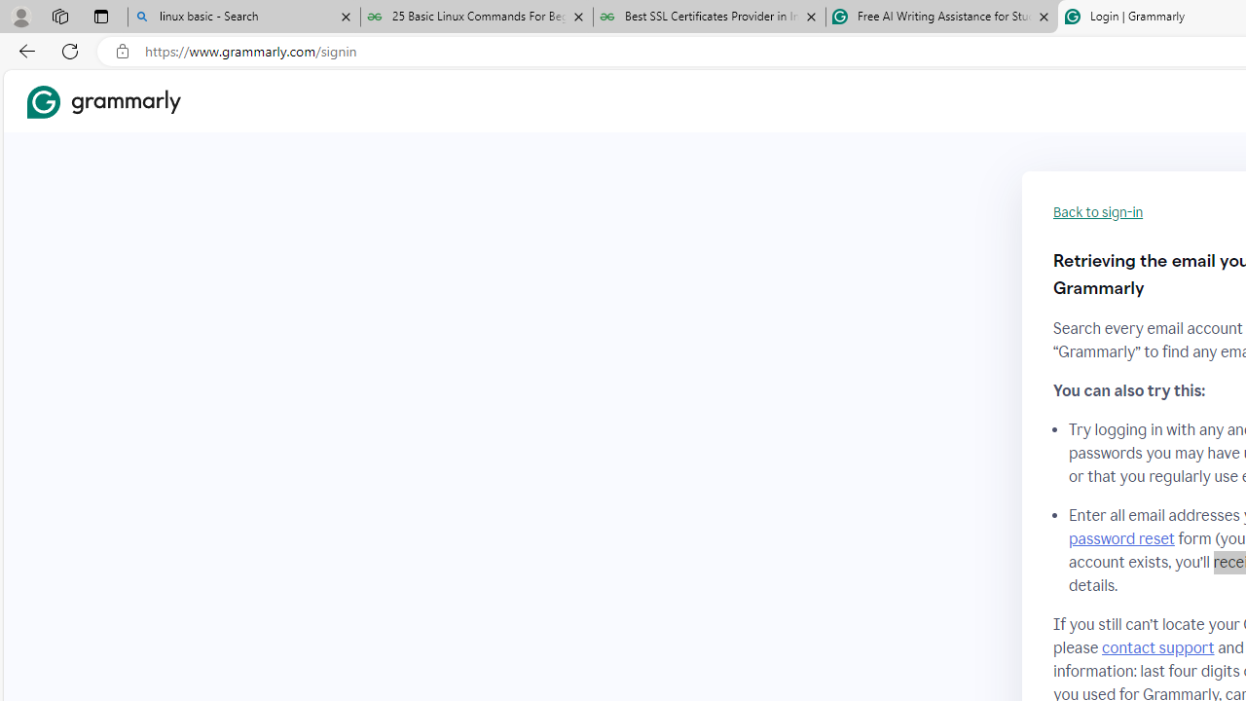 The width and height of the screenshot is (1246, 701). Describe the element at coordinates (709, 17) in the screenshot. I see `'Best SSL Certificates Provider in India - GeeksforGeeks'` at that location.